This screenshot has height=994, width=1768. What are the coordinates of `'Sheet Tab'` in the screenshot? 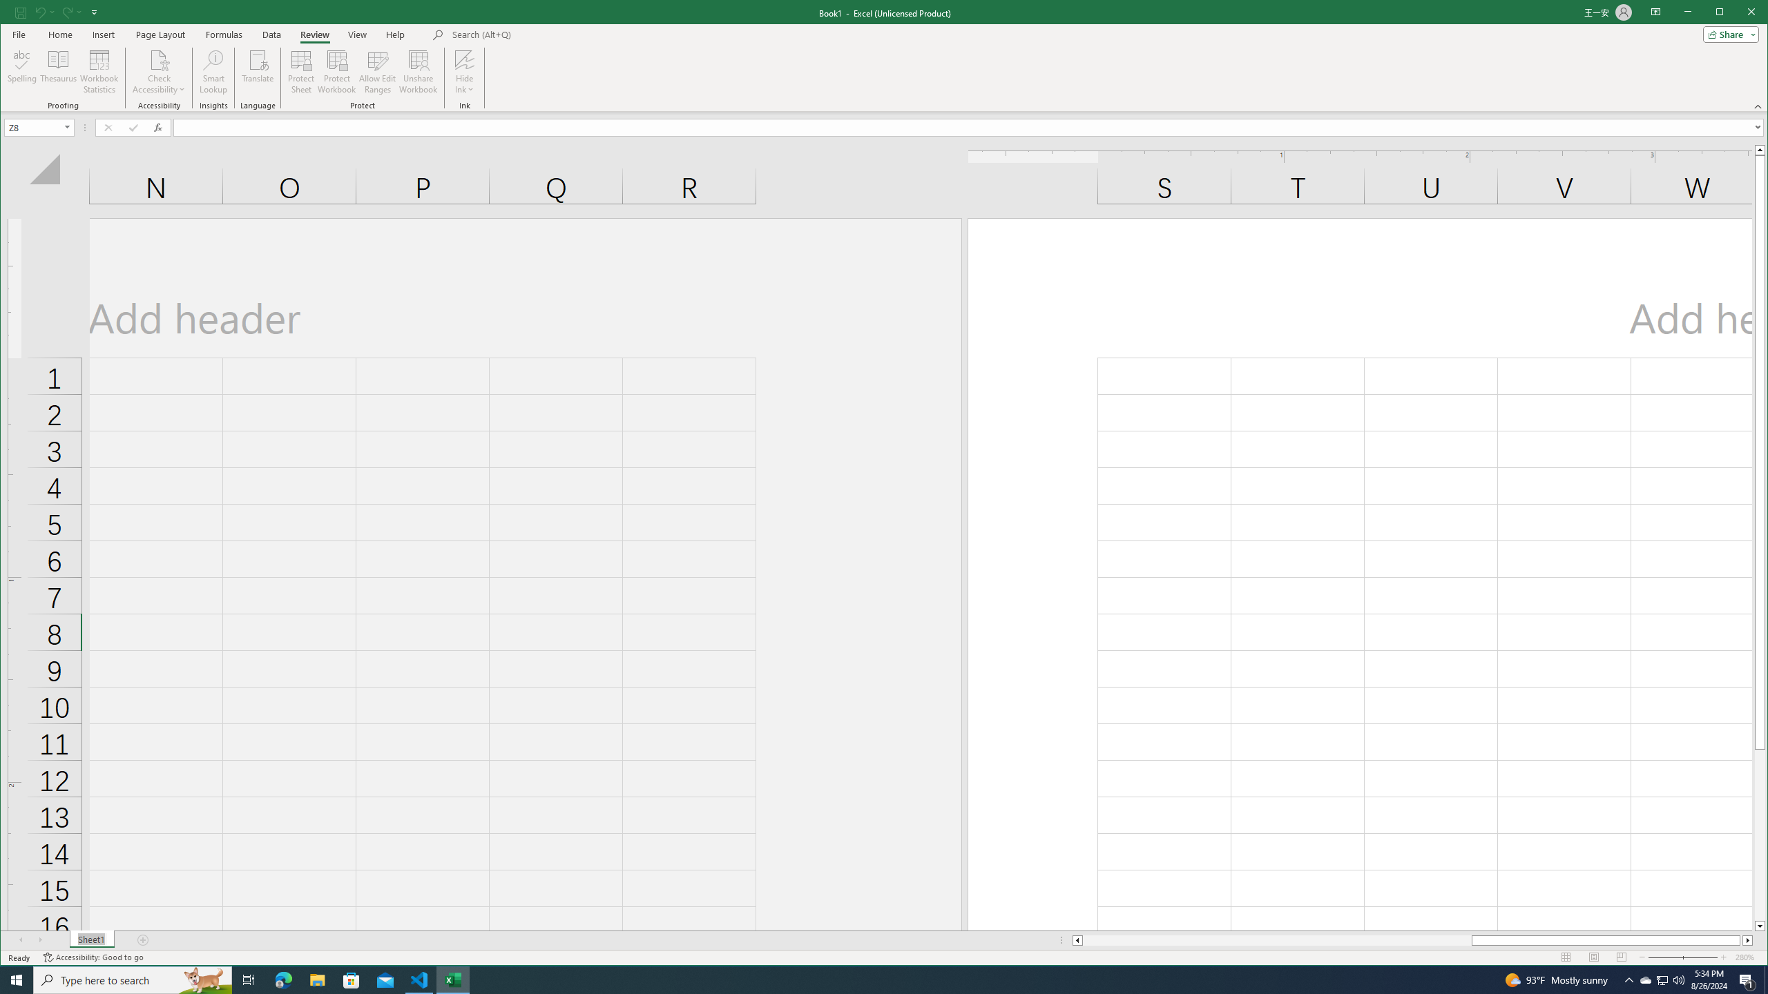 It's located at (92, 940).